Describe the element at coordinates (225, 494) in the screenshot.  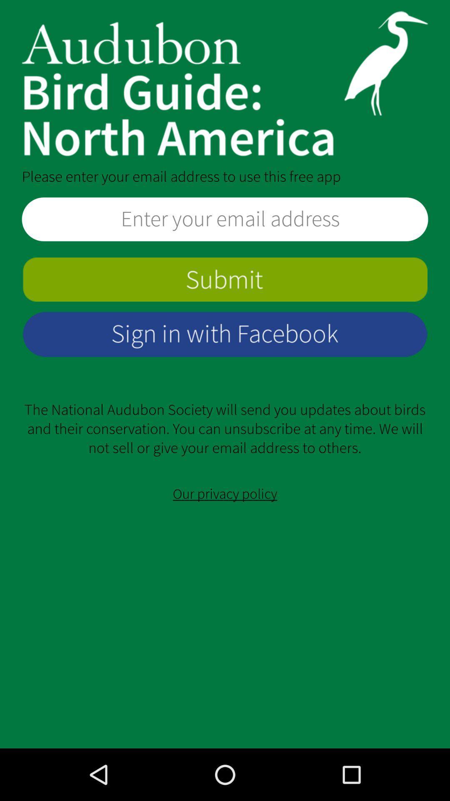
I see `the icon below the the national audubon icon` at that location.